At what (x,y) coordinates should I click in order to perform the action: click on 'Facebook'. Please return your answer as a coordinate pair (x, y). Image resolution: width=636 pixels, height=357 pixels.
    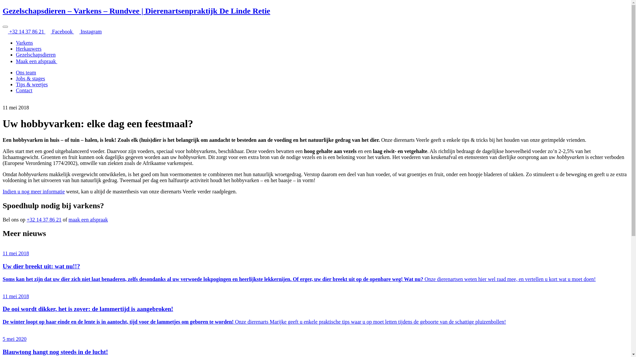
    Looking at the image, I should click on (60, 31).